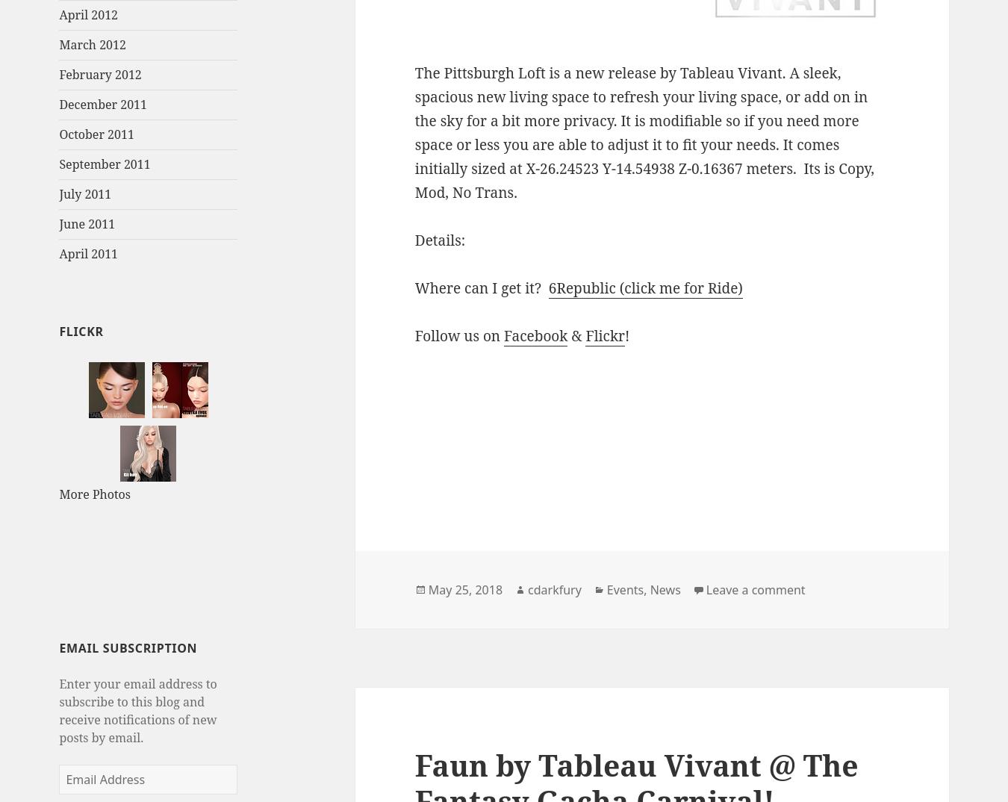  Describe the element at coordinates (465, 589) in the screenshot. I see `'May 25, 2018'` at that location.